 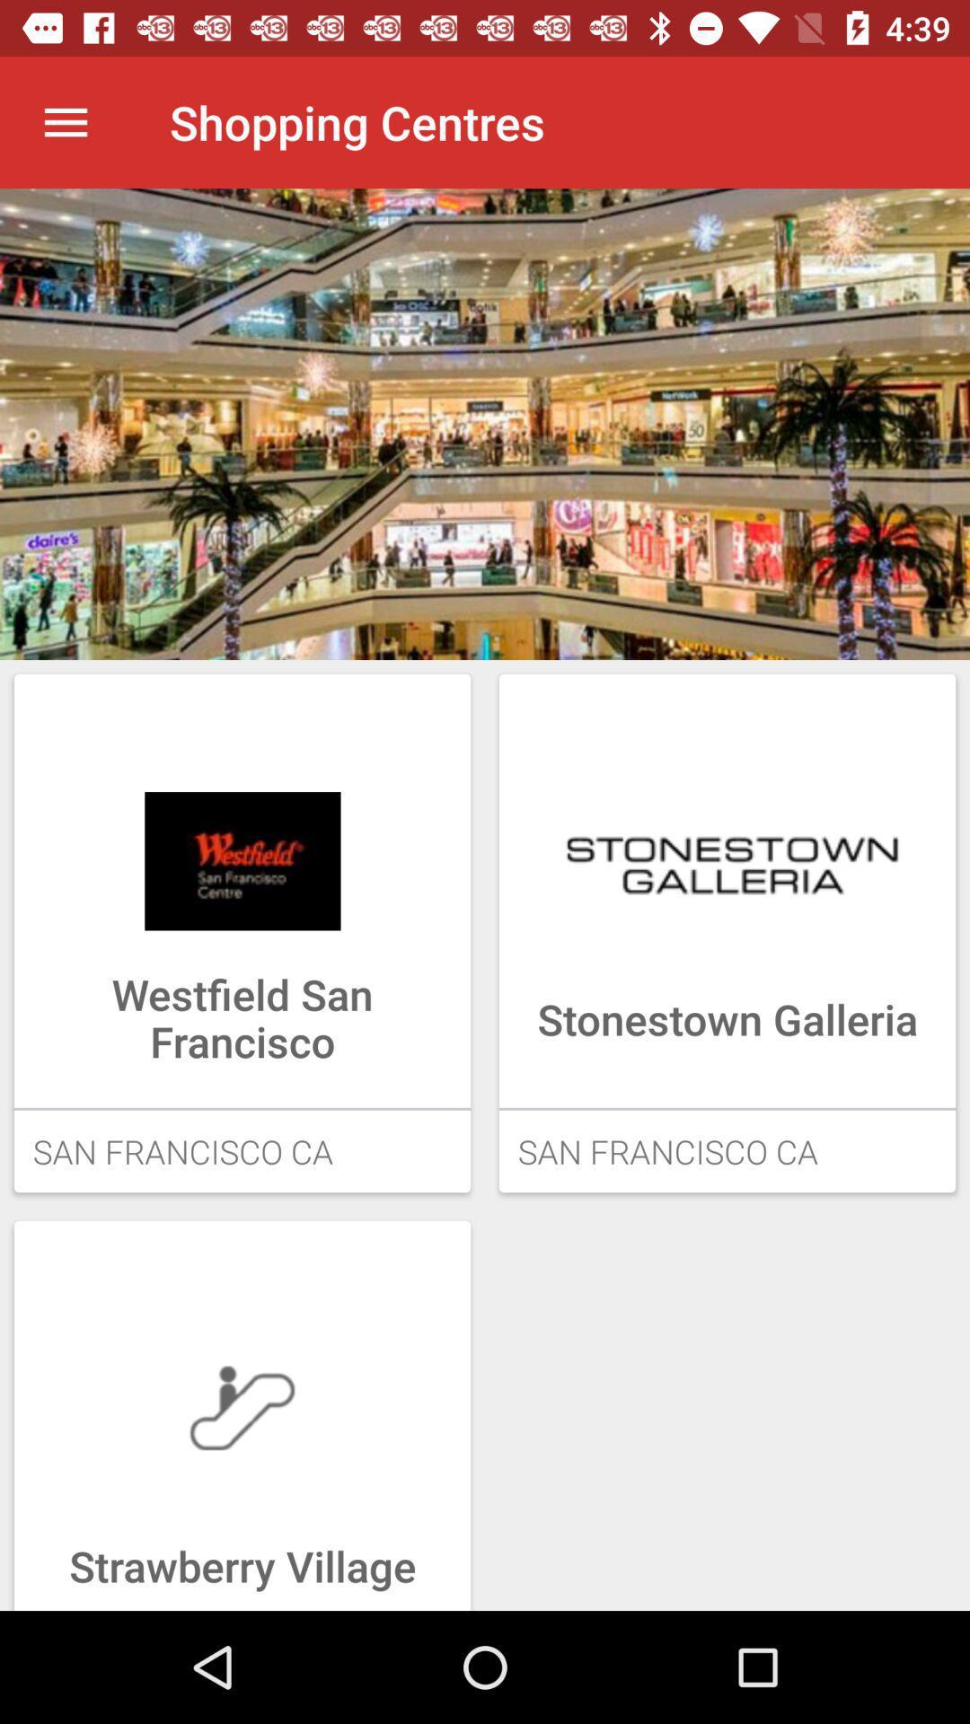 What do you see at coordinates (727, 933) in the screenshot?
I see `the option having the text stonestown galleria` at bounding box center [727, 933].